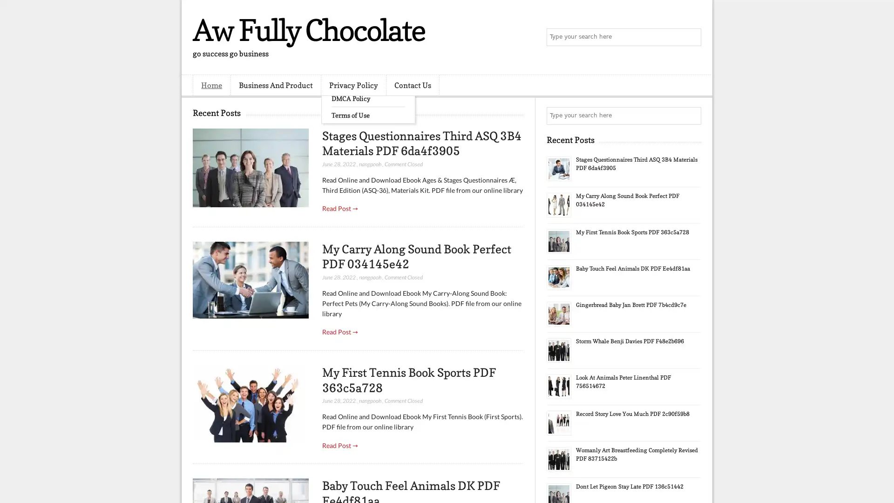 Image resolution: width=894 pixels, height=503 pixels. What do you see at coordinates (691, 116) in the screenshot?
I see `Search` at bounding box center [691, 116].